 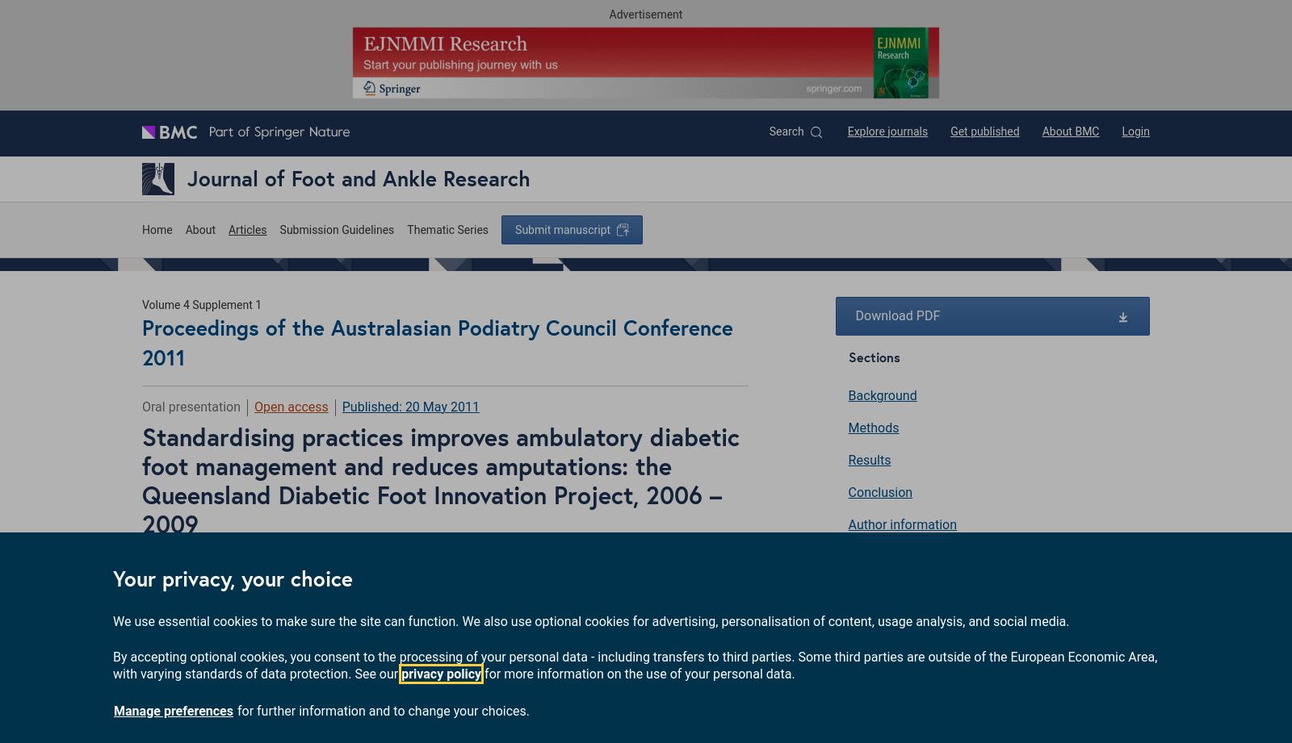 What do you see at coordinates (441, 405) in the screenshot?
I see `'20 May 2011'` at bounding box center [441, 405].